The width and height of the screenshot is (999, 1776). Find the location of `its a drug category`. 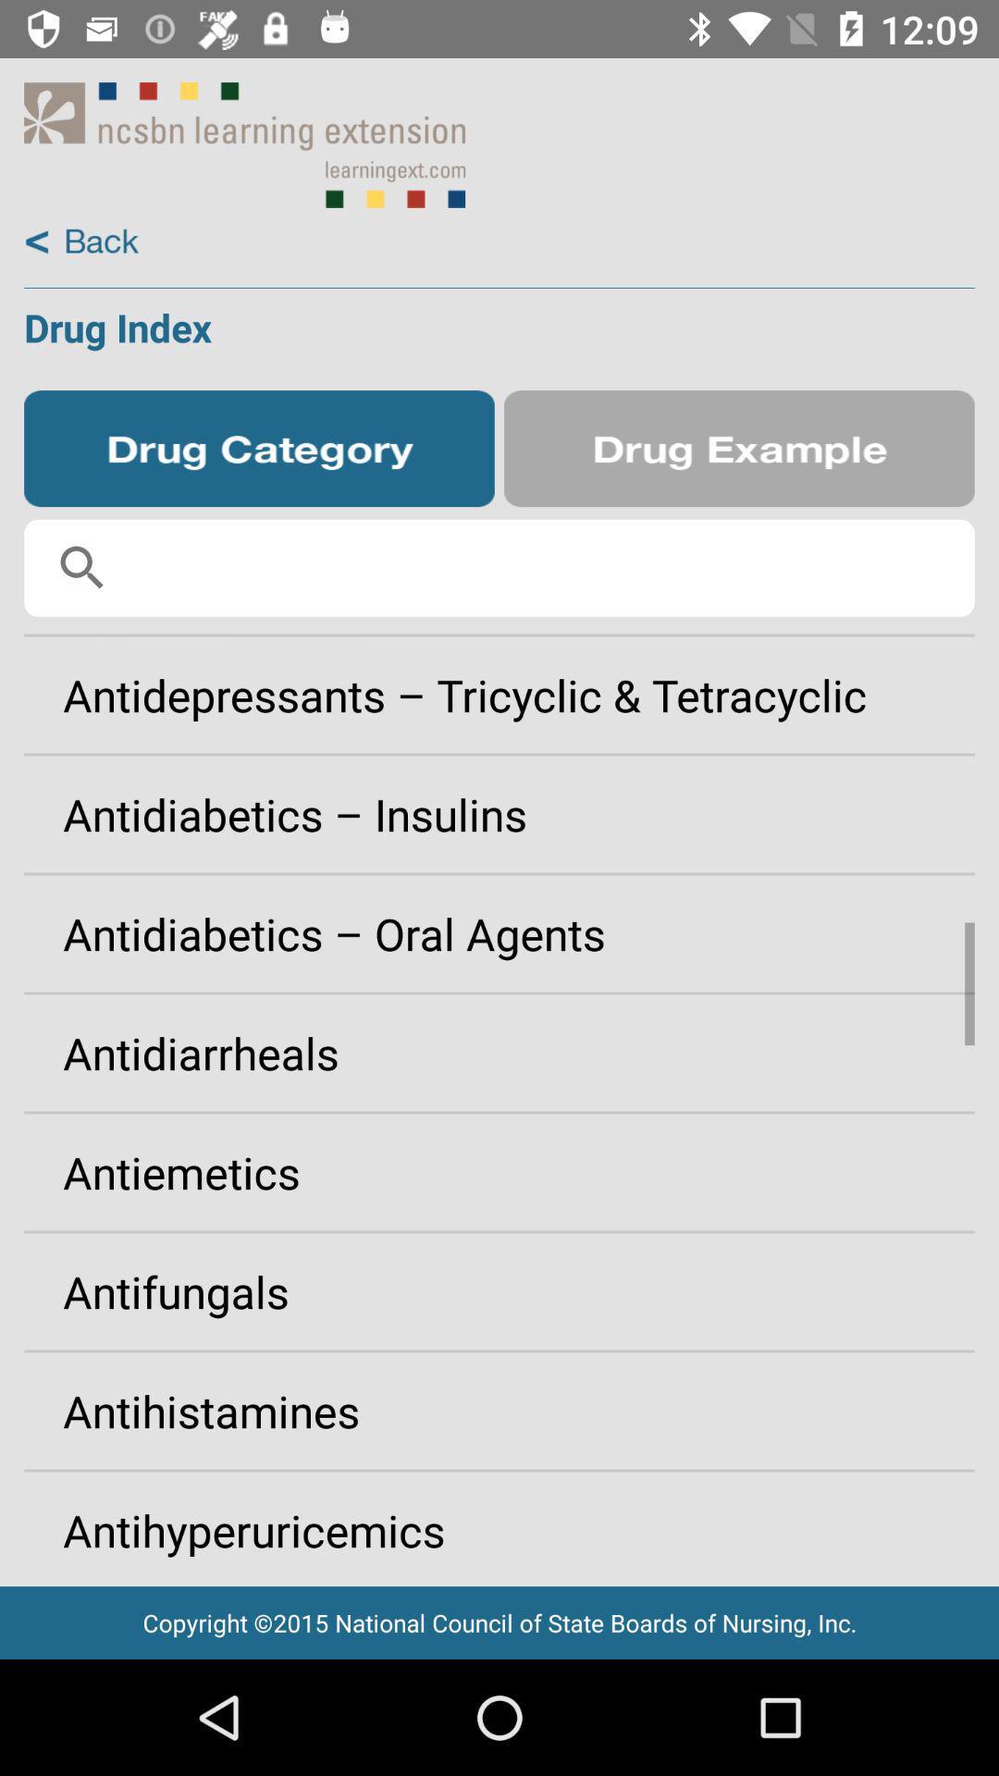

its a drug category is located at coordinates (259, 449).